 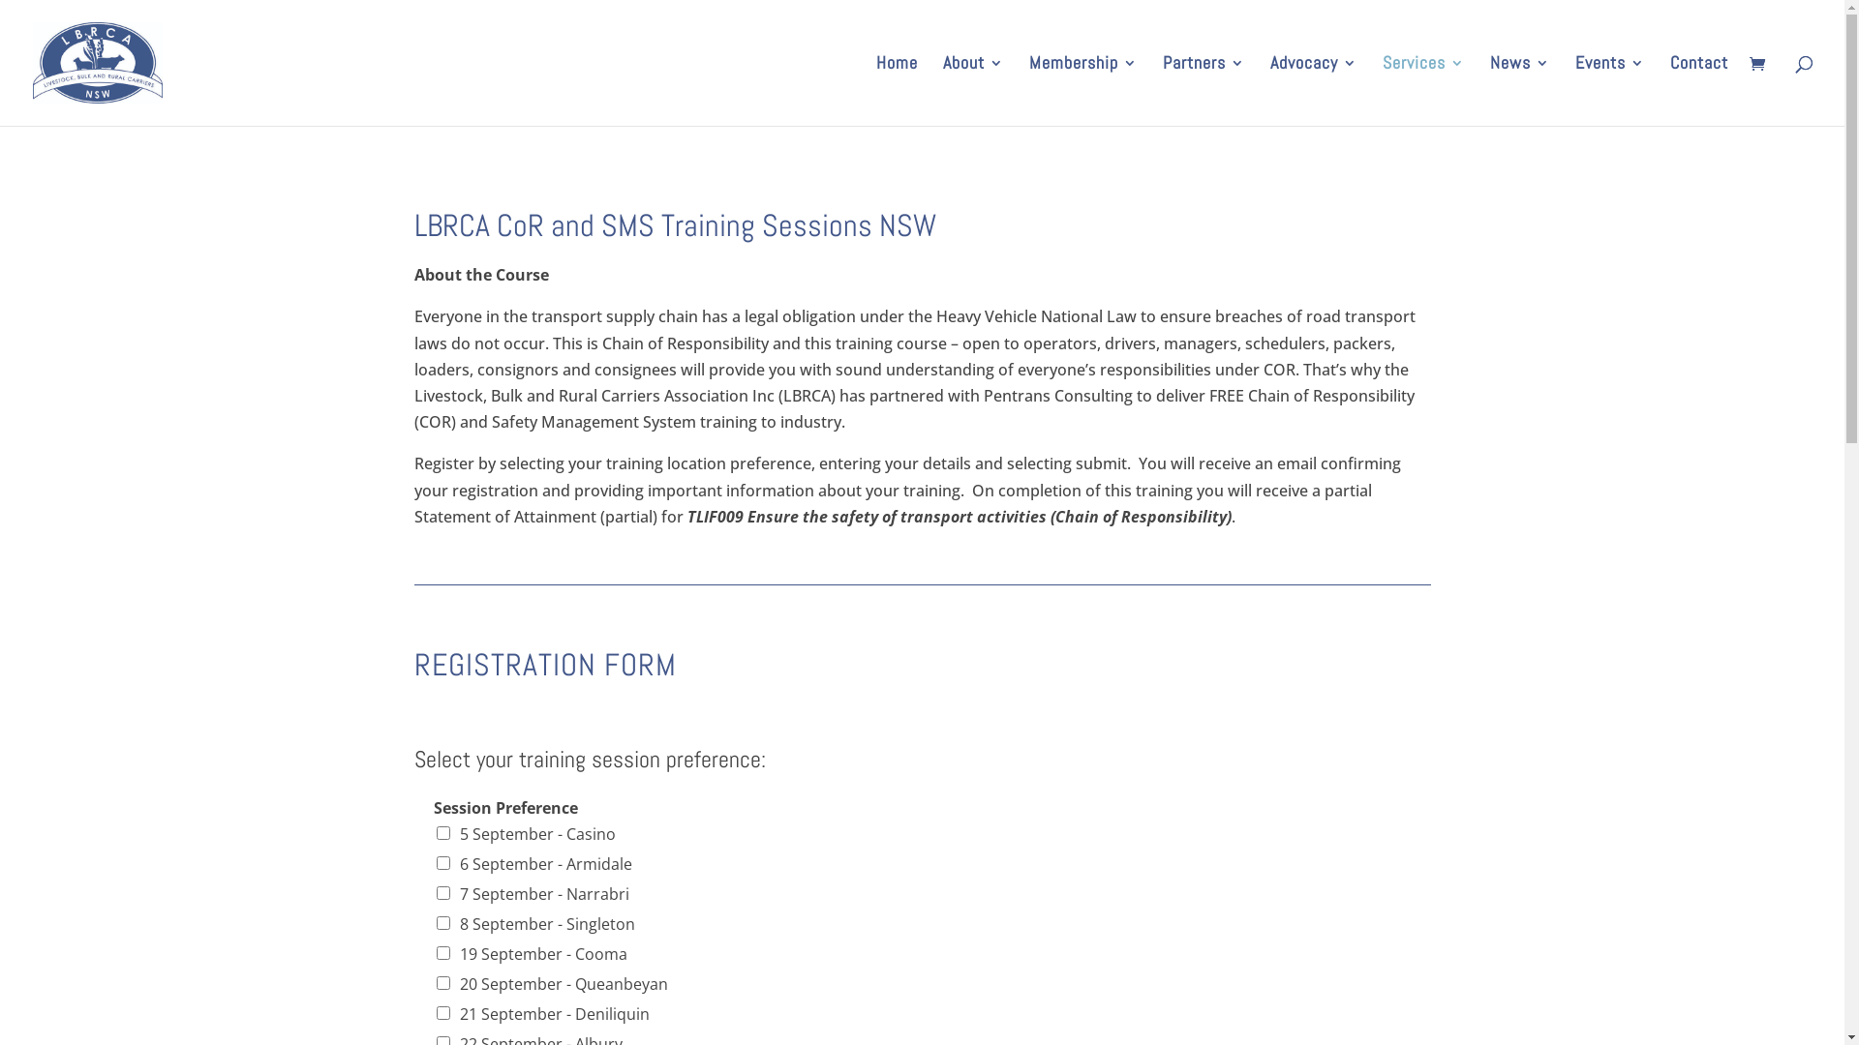 What do you see at coordinates (1203, 90) in the screenshot?
I see `'Partners'` at bounding box center [1203, 90].